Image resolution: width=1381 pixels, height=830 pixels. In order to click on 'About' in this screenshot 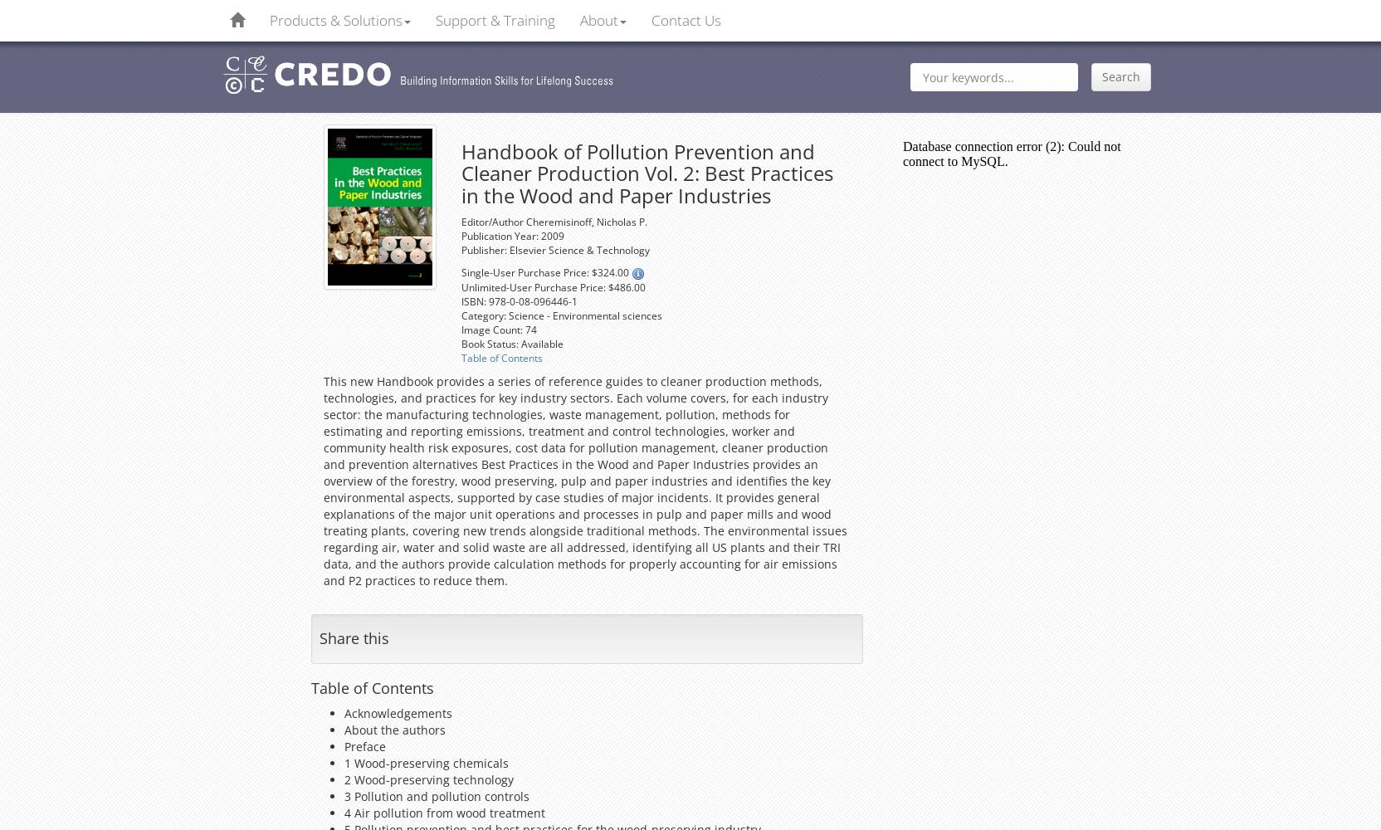, I will do `click(598, 20)`.